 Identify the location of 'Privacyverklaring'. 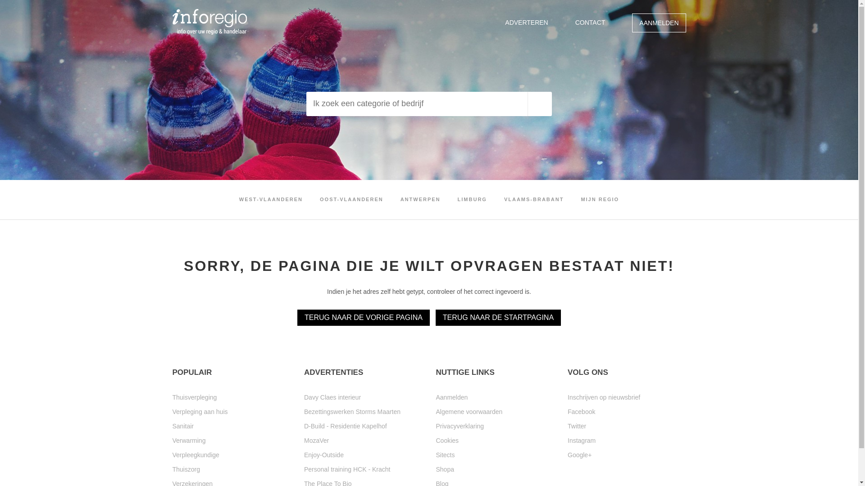
(436, 426).